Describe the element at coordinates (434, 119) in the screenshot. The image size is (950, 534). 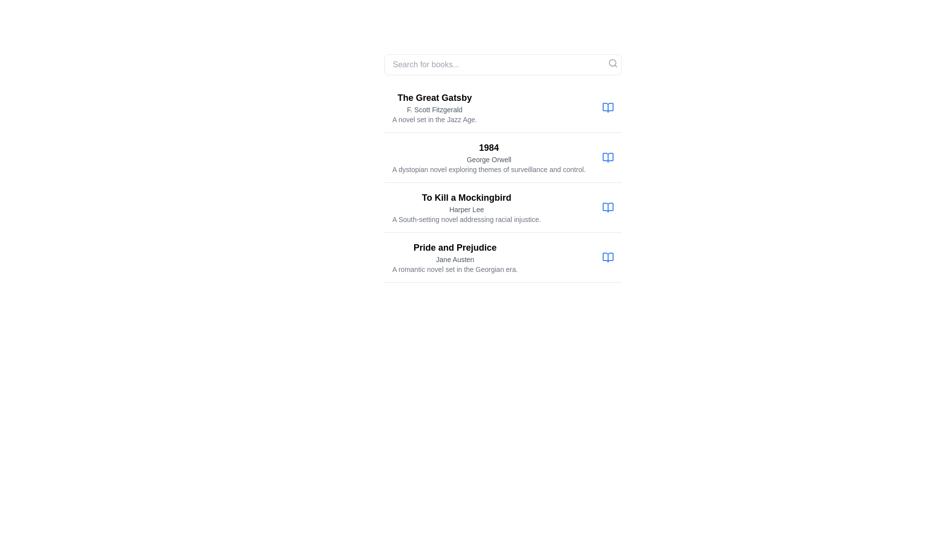
I see `the text label that provides a brief description for the book 'The Great Gatsby', located below the author's name 'F. Scott Fitzgerald'` at that location.